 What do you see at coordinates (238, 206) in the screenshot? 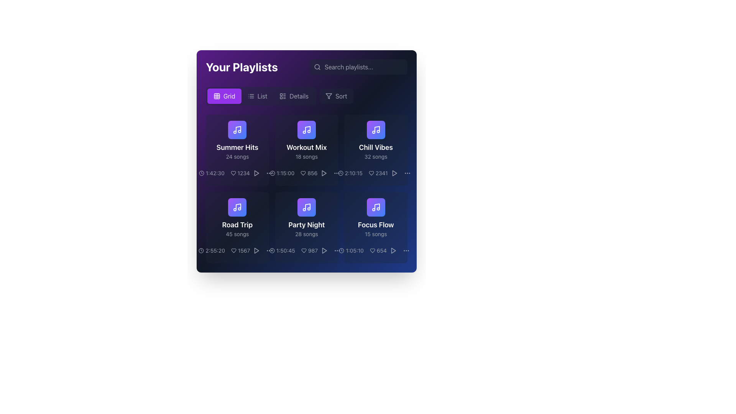
I see `the appearance of the music note icon located in the top-left corner of the 'Road Trip' music playlist card, which features a stylized vertical bar and a small circle representing a musical note` at bounding box center [238, 206].